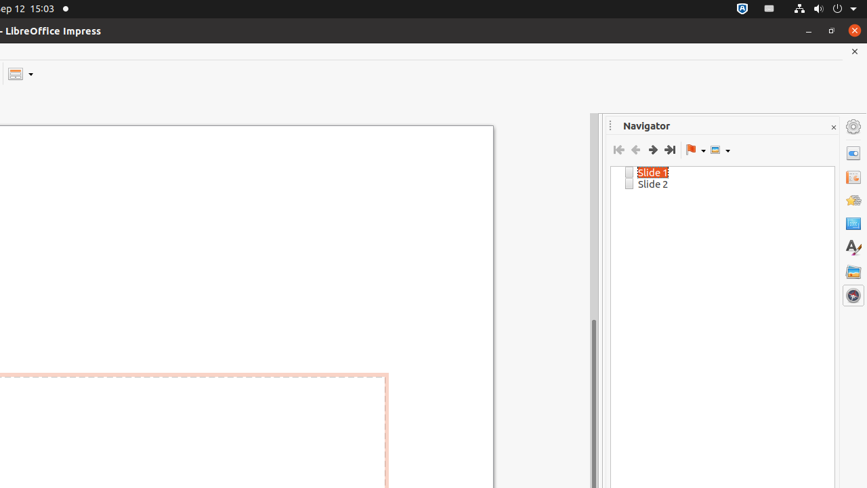  Describe the element at coordinates (853, 152) in the screenshot. I see `'Properties'` at that location.